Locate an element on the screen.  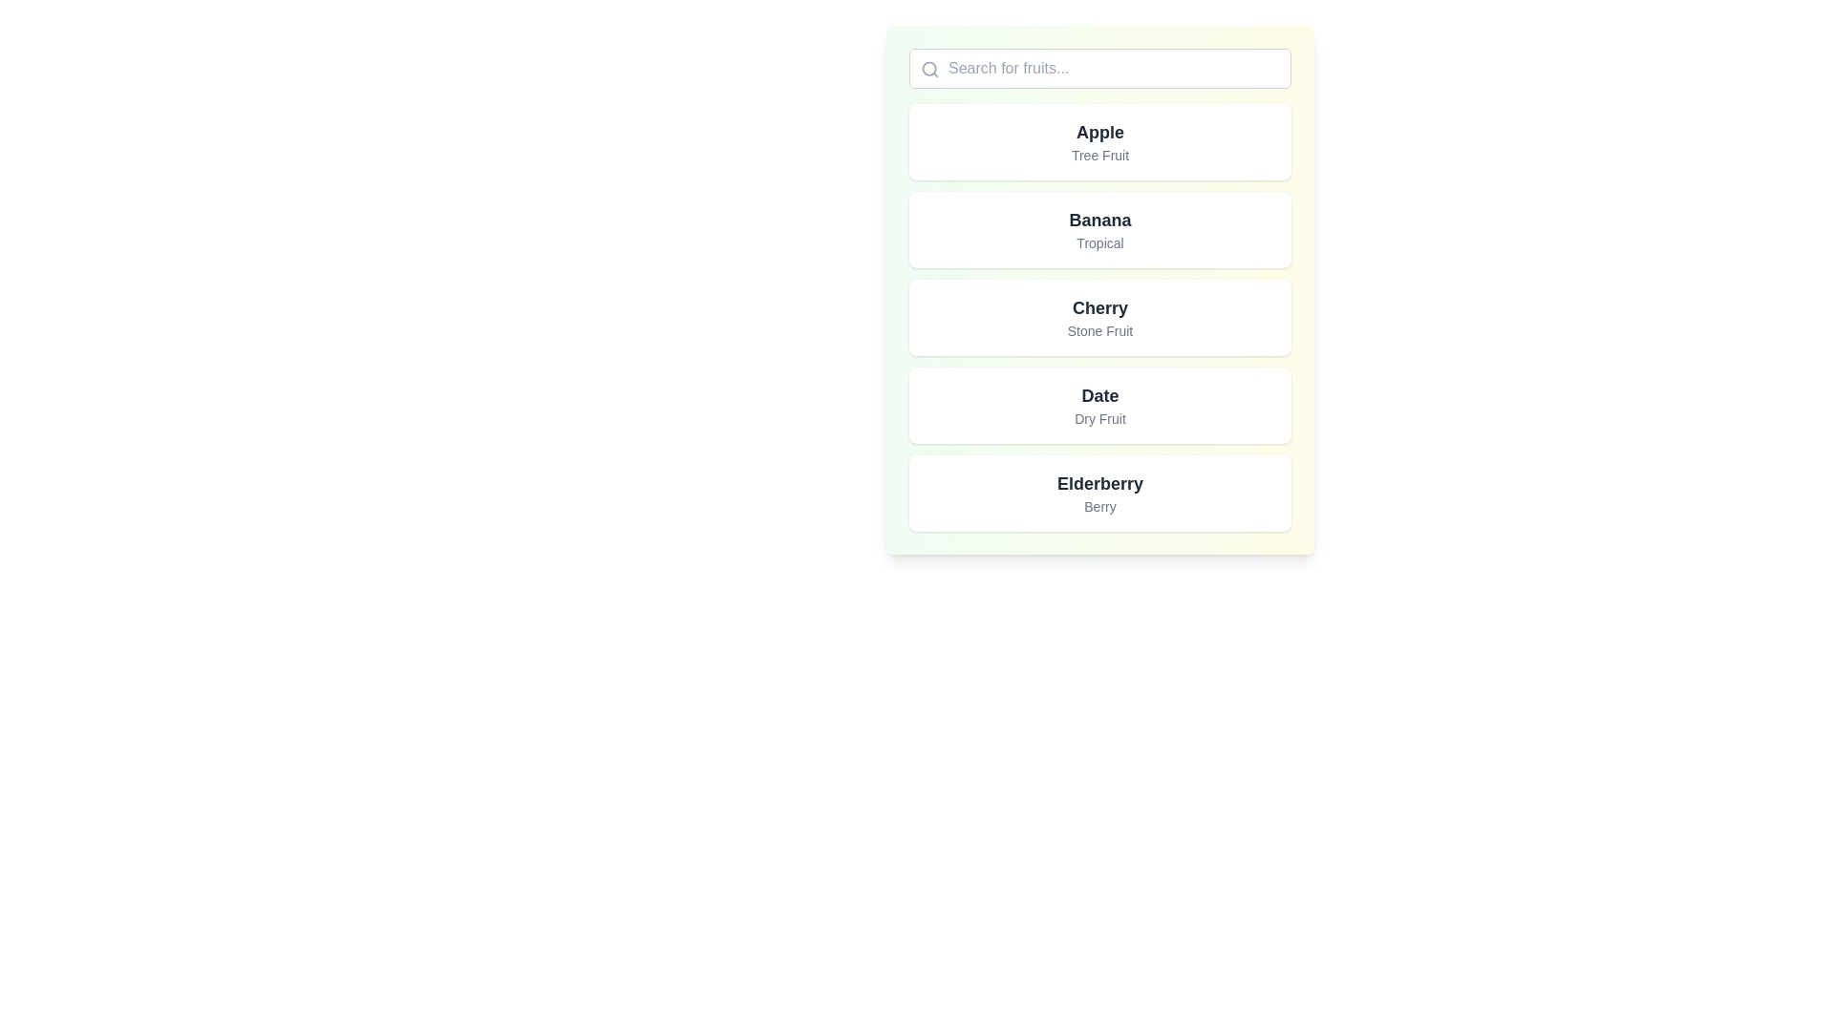
the Text Label displaying 'Cherry' which is positioned above the text 'Stone Fruit' in the vertical list is located at coordinates (1100, 307).